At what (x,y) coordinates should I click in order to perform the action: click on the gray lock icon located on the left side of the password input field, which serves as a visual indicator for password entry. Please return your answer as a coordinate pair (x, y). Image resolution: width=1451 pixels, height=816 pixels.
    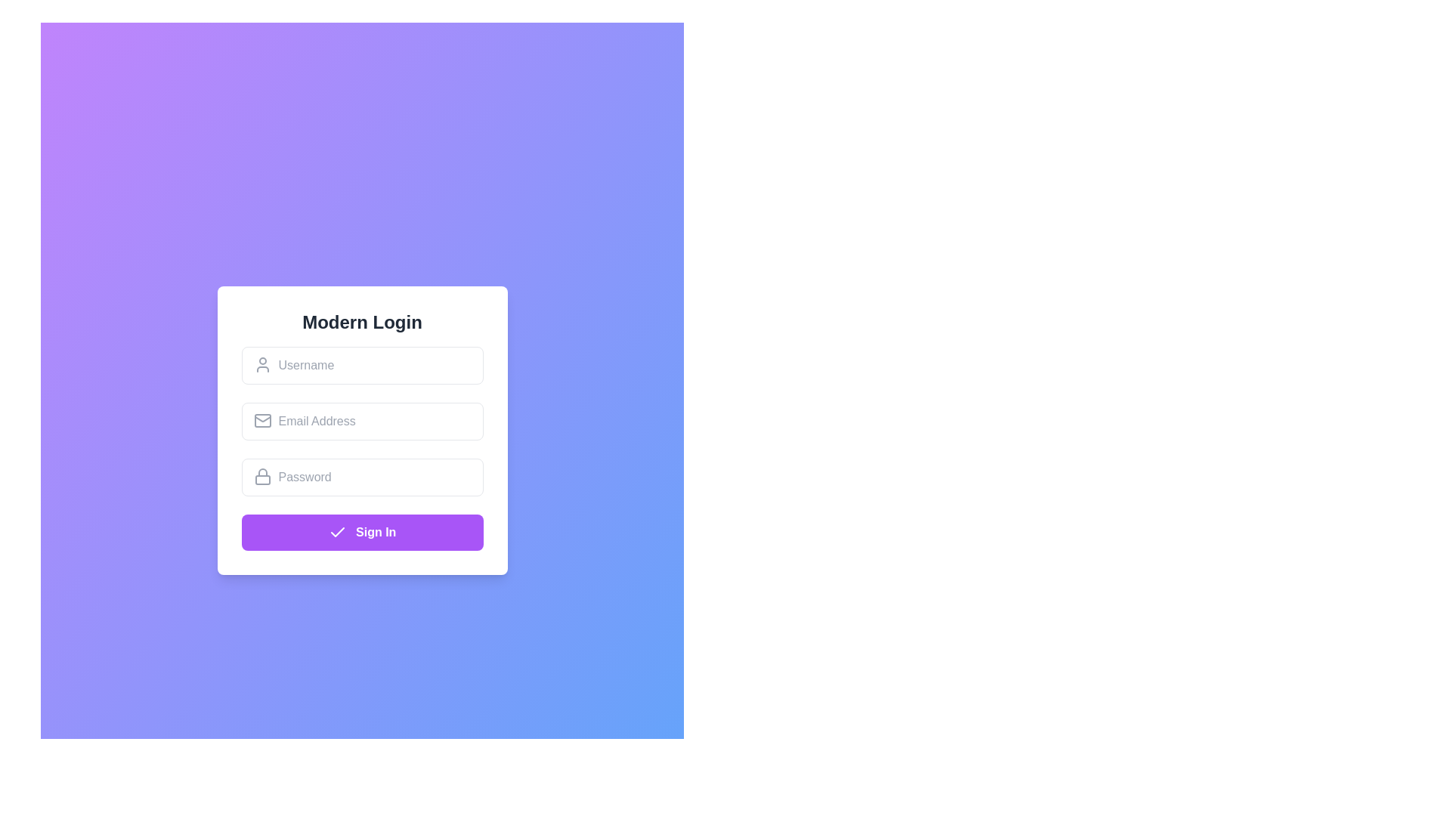
    Looking at the image, I should click on (262, 476).